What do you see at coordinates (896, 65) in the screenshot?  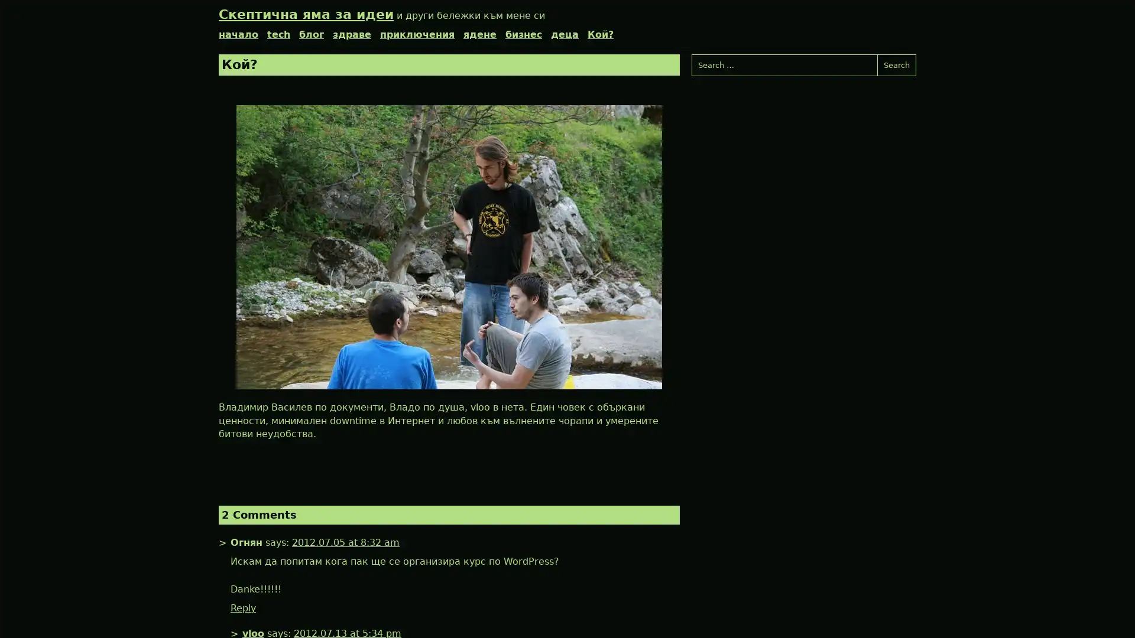 I see `Search` at bounding box center [896, 65].